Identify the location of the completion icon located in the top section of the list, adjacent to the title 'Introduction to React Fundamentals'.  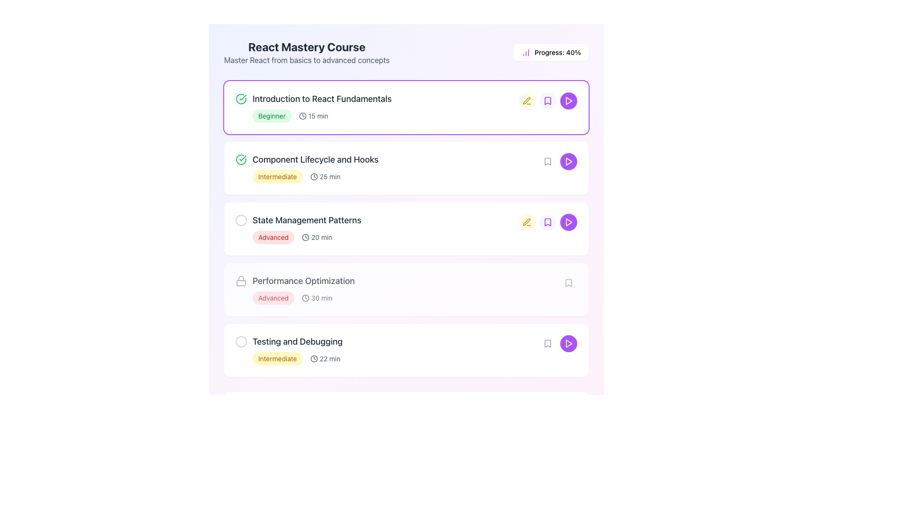
(241, 159).